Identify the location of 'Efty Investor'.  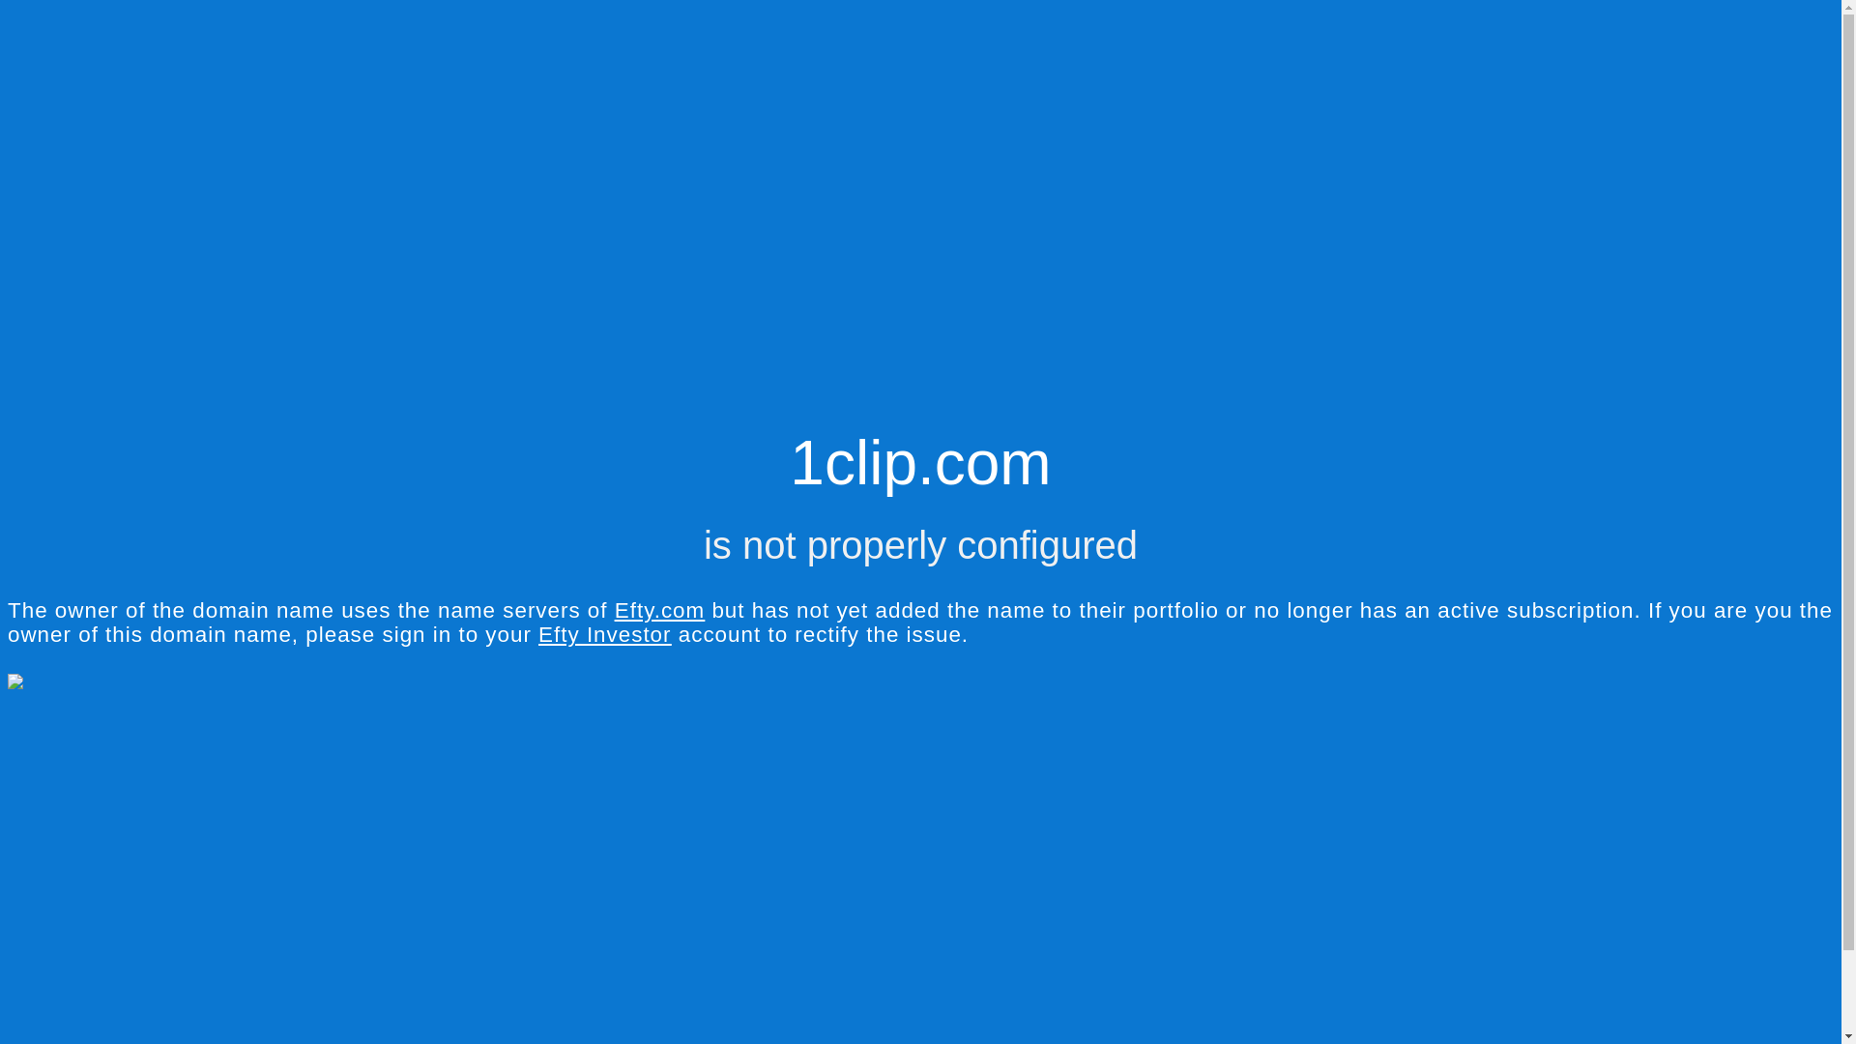
(537, 634).